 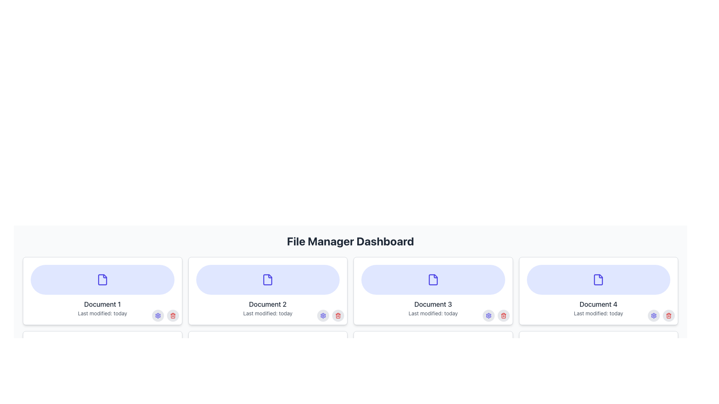 What do you see at coordinates (323, 316) in the screenshot?
I see `the settings icon button located in the lower-right corner of the 'Document 2' card beneath the 'File Manager Dashboard'` at bounding box center [323, 316].